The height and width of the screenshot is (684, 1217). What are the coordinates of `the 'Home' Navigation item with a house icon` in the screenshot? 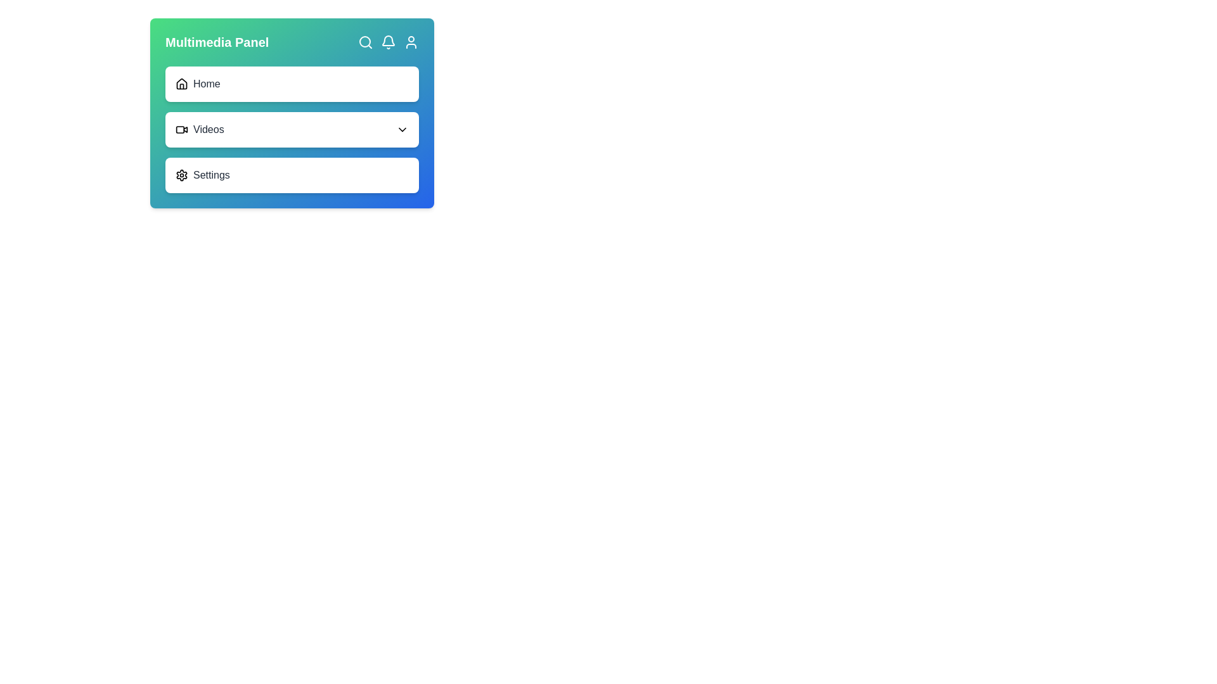 It's located at (197, 84).